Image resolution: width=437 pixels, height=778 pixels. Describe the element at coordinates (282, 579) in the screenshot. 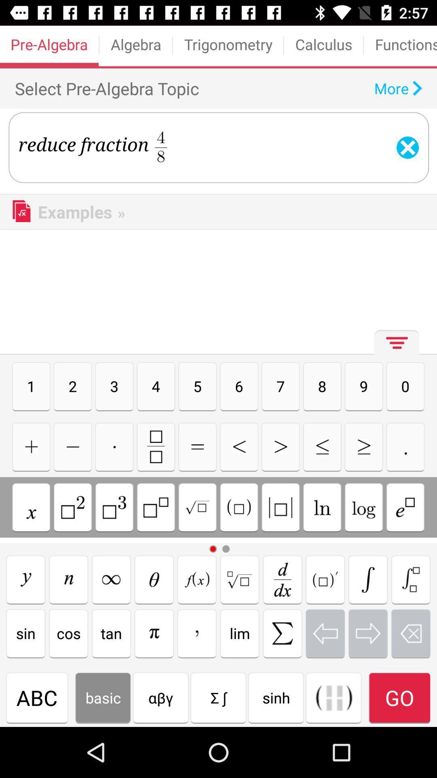

I see `reduce fraction d/dx` at that location.